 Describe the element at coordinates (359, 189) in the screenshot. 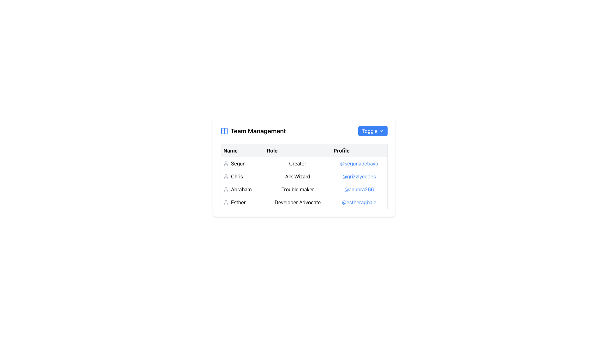

I see `the hyperlink labeled 'Abraham' in the third row of the 'Team Management' table` at that location.